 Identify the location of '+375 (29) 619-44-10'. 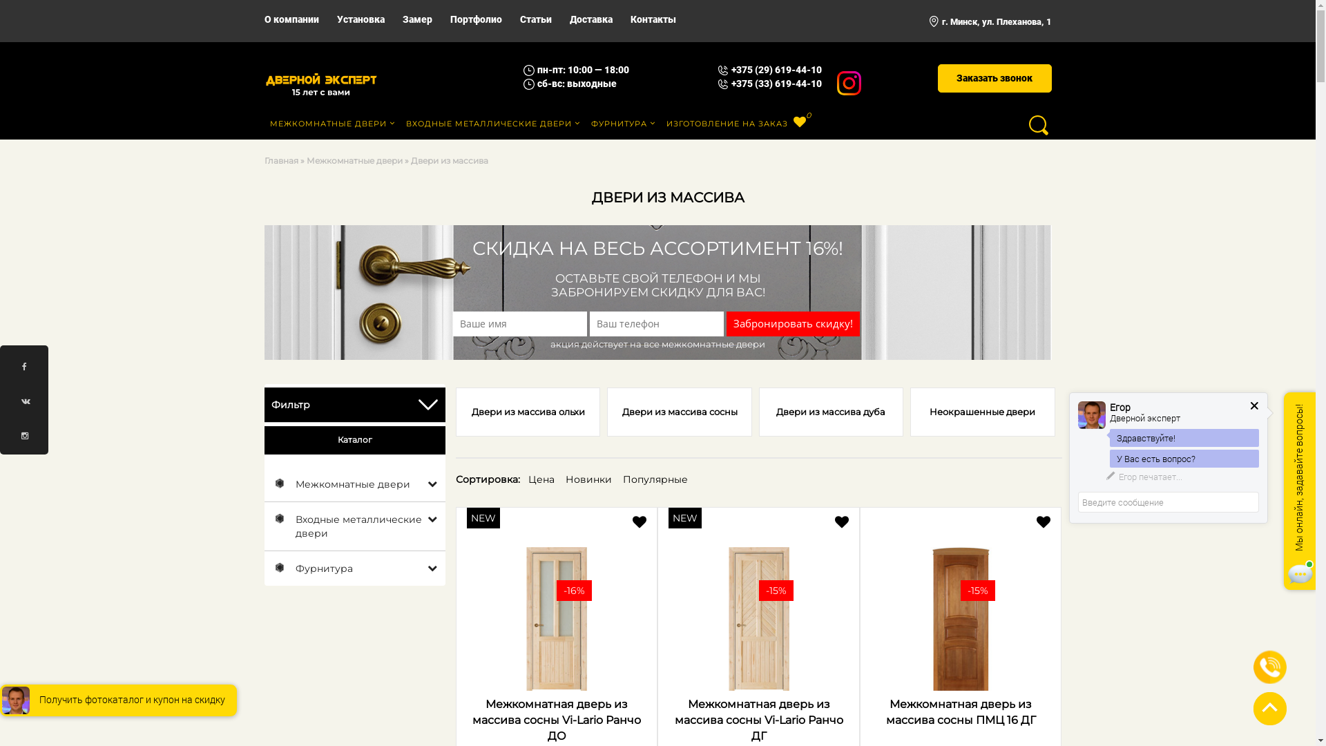
(776, 69).